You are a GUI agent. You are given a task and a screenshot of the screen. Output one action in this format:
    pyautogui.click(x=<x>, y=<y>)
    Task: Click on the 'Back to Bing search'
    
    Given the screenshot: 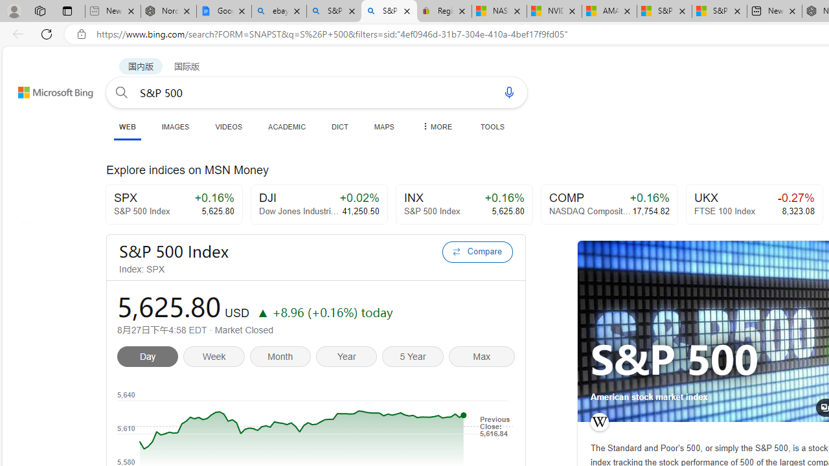 What is the action you would take?
    pyautogui.click(x=47, y=89)
    